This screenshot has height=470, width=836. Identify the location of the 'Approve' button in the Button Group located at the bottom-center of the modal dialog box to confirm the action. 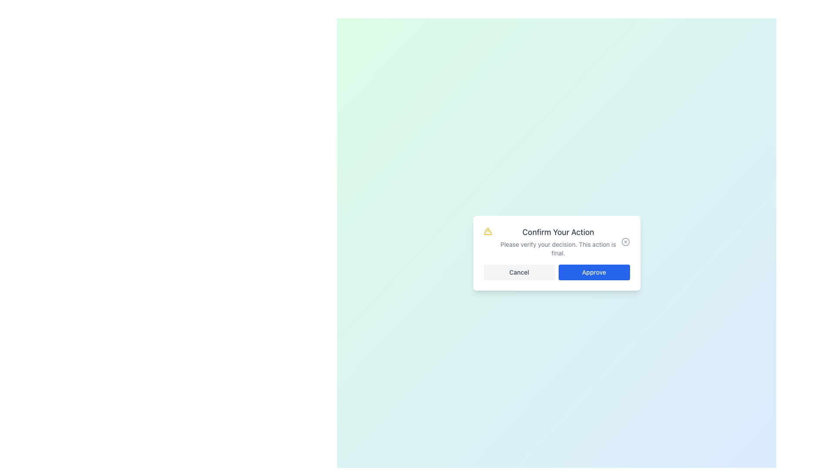
(556, 272).